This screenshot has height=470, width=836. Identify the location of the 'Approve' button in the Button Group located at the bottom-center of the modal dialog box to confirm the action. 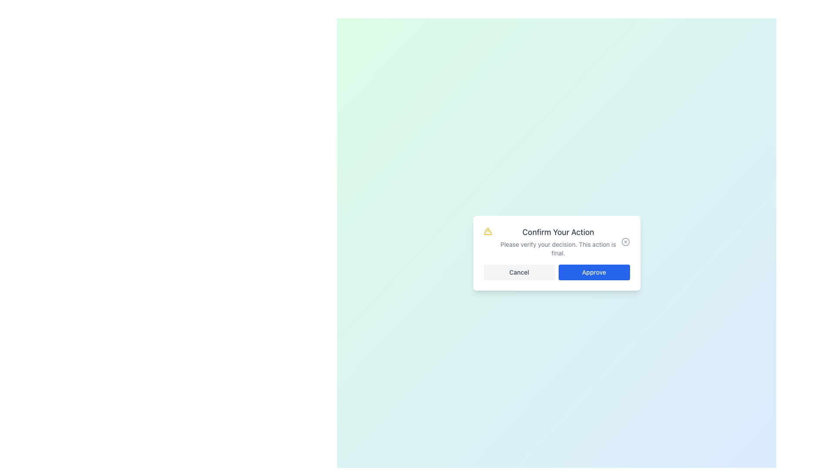
(556, 272).